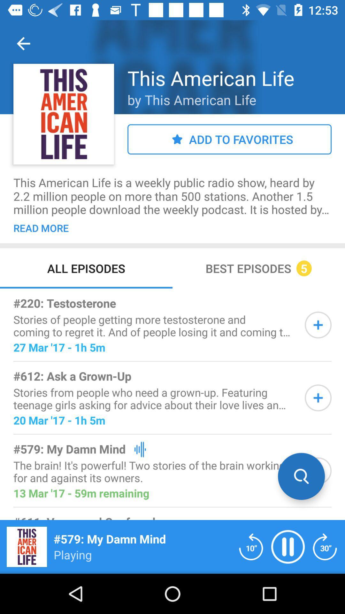 This screenshot has height=614, width=345. What do you see at coordinates (301, 476) in the screenshot?
I see `the search icon` at bounding box center [301, 476].